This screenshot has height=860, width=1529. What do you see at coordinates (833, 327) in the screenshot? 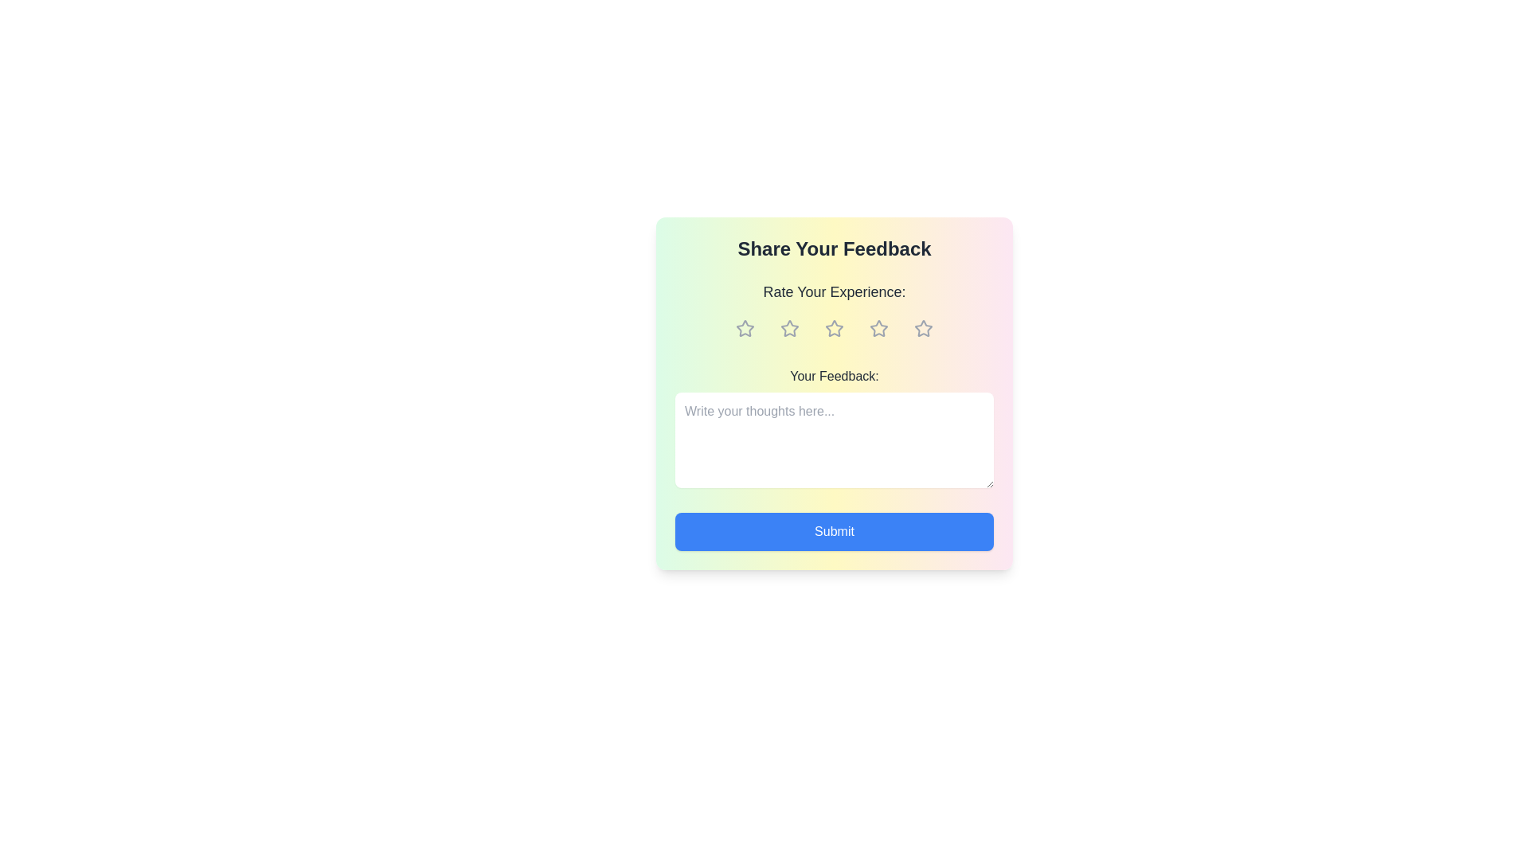
I see `the third star icon in the rating row, which is designed for rating purposes and features a gray outline` at bounding box center [833, 327].